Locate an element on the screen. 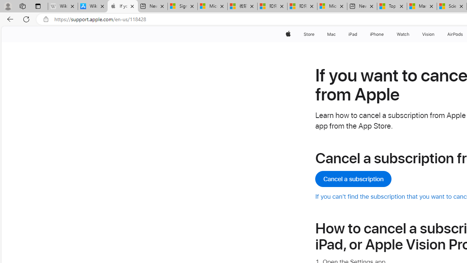 The height and width of the screenshot is (263, 467). 'Marine life - MSN' is located at coordinates (422, 6).